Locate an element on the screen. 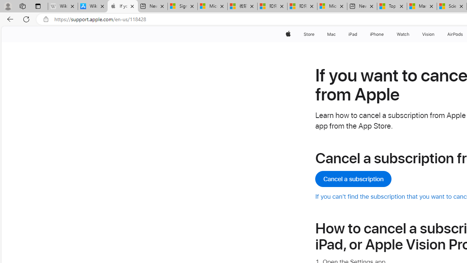 The height and width of the screenshot is (263, 467). 'Marine life - MSN' is located at coordinates (422, 6).